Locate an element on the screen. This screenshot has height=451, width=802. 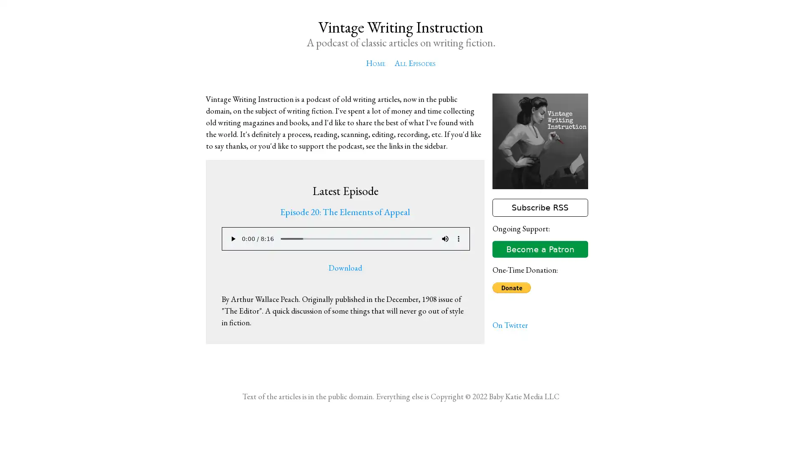
mute is located at coordinates (444, 238).